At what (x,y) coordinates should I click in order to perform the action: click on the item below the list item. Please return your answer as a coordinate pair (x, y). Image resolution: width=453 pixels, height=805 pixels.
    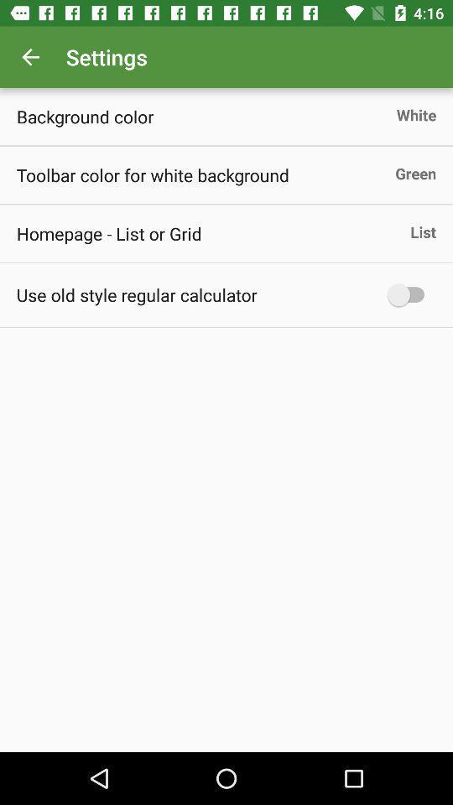
    Looking at the image, I should click on (409, 294).